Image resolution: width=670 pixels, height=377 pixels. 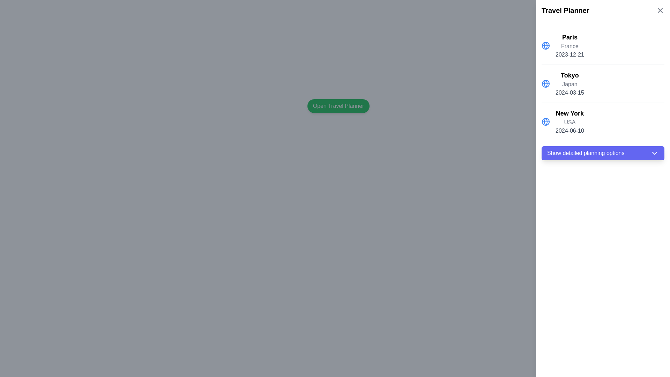 I want to click on the informational text label displaying the travel date for 'New York' located in the right-hand panel titled 'Travel Planner', specifically the third entry in the list beneath 'USA', so click(x=569, y=131).